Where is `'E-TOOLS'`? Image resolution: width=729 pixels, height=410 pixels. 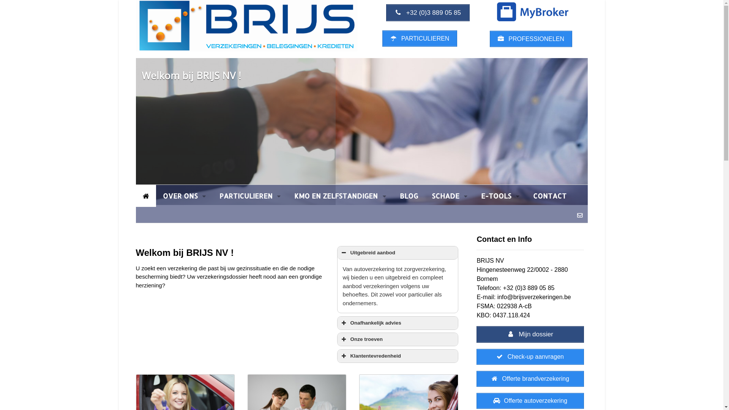 'E-TOOLS' is located at coordinates (500, 196).